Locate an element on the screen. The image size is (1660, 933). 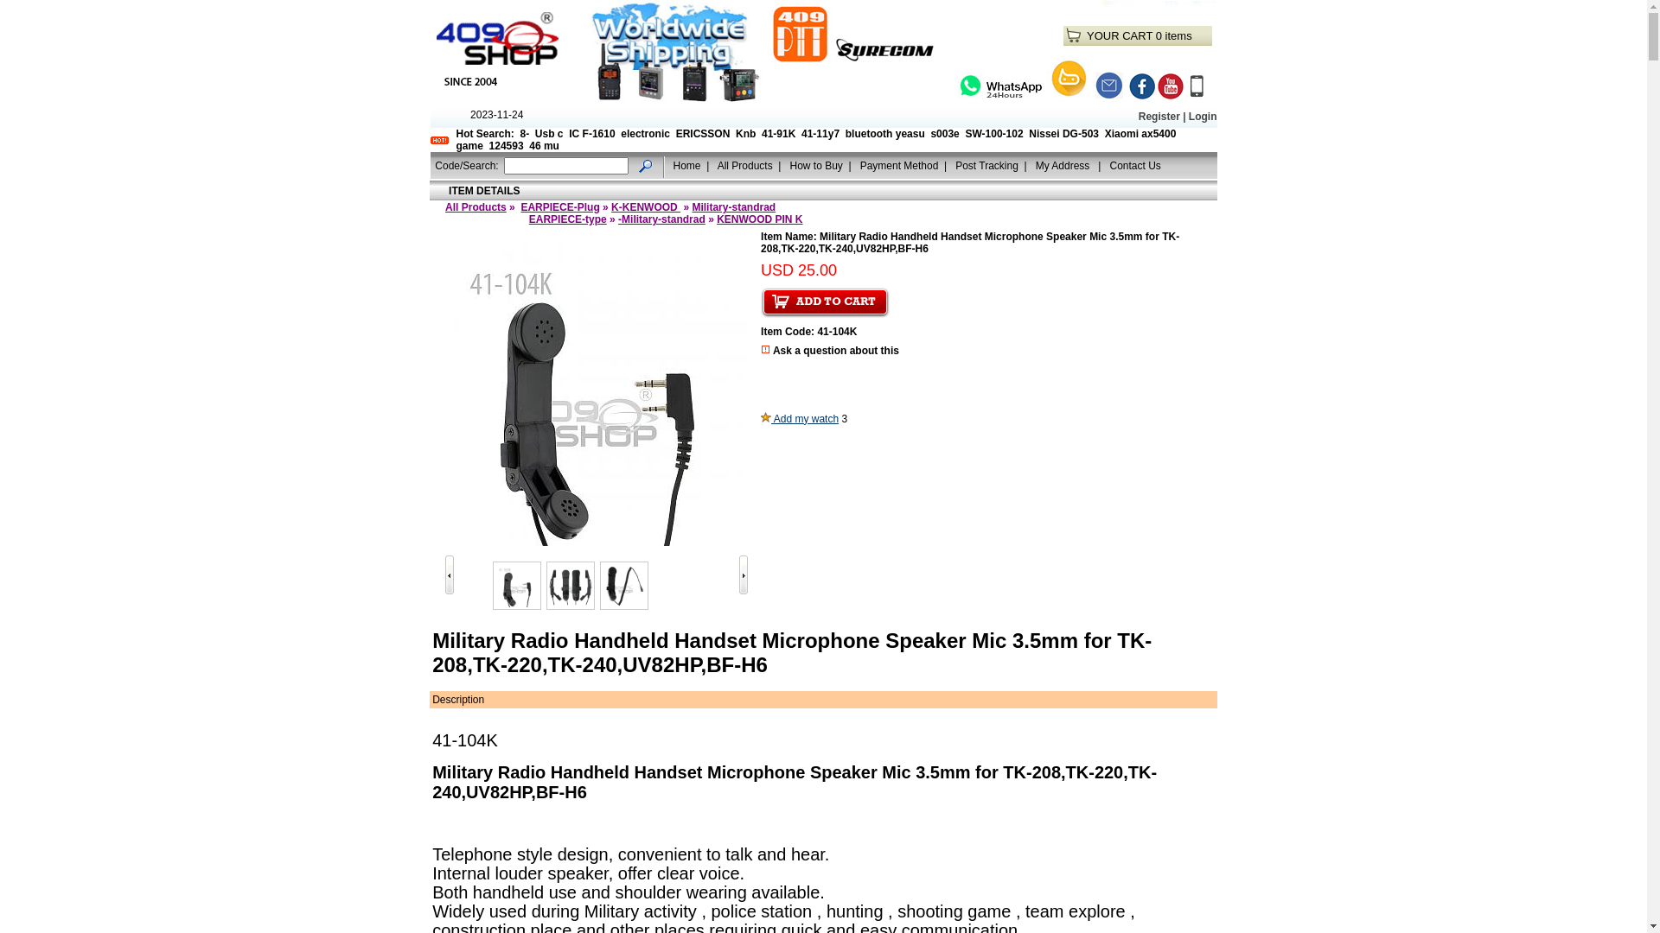
'41-91K' is located at coordinates (777, 132).